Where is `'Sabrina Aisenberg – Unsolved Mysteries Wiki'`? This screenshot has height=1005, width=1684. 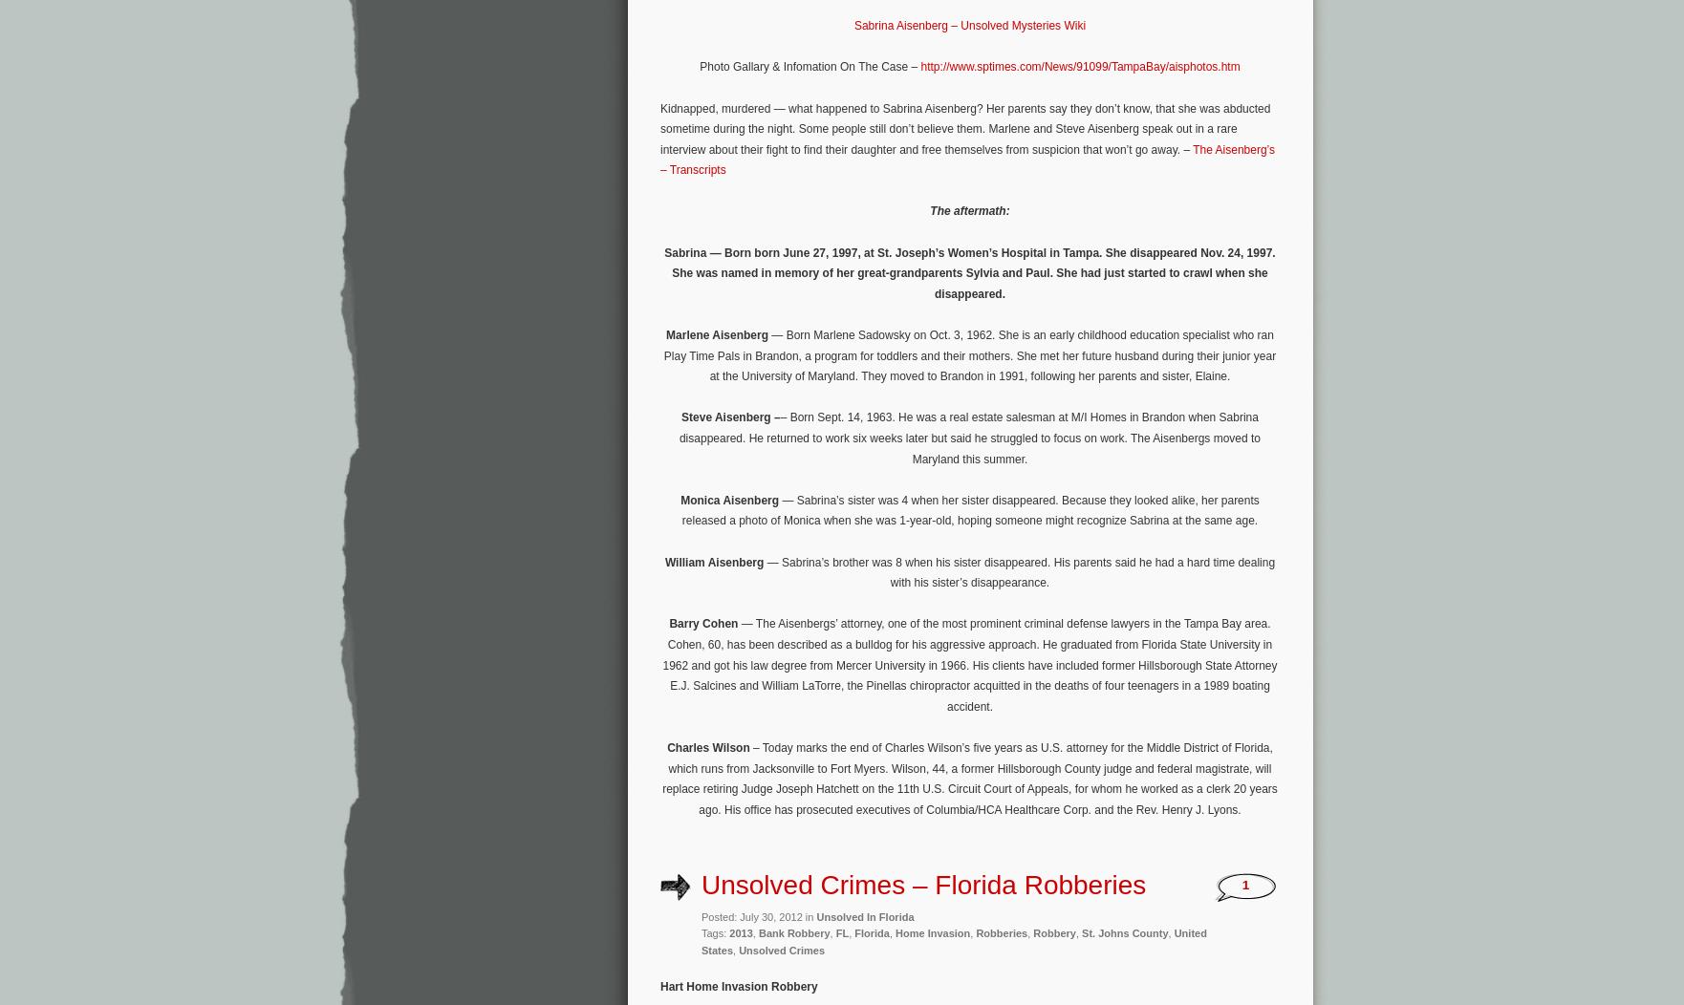
'Sabrina Aisenberg – Unsolved Mysteries Wiki' is located at coordinates (853, 26).